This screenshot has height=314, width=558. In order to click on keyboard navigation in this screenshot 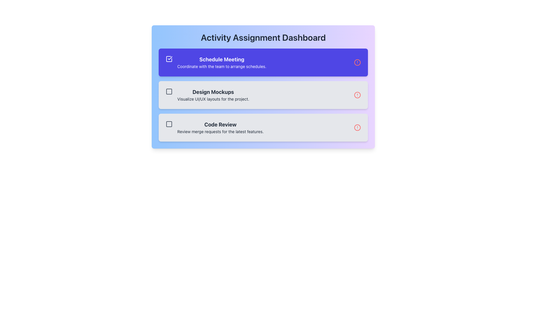, I will do `click(169, 59)`.